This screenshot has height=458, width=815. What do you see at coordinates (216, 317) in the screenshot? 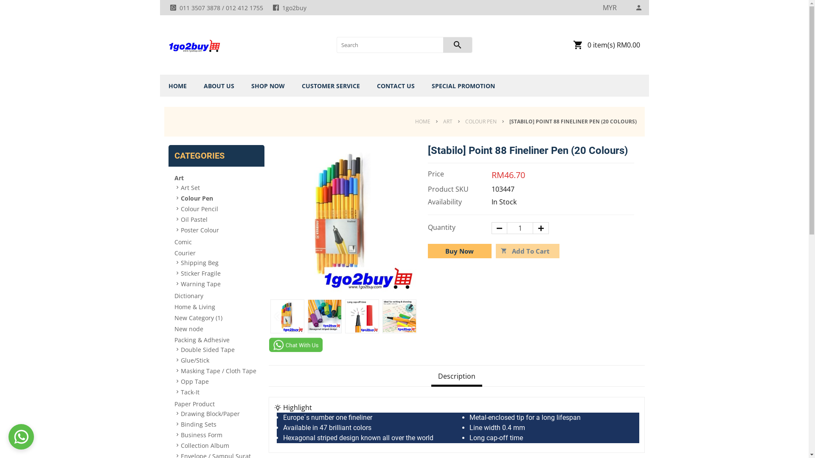
I see `'New Category (1)'` at bounding box center [216, 317].